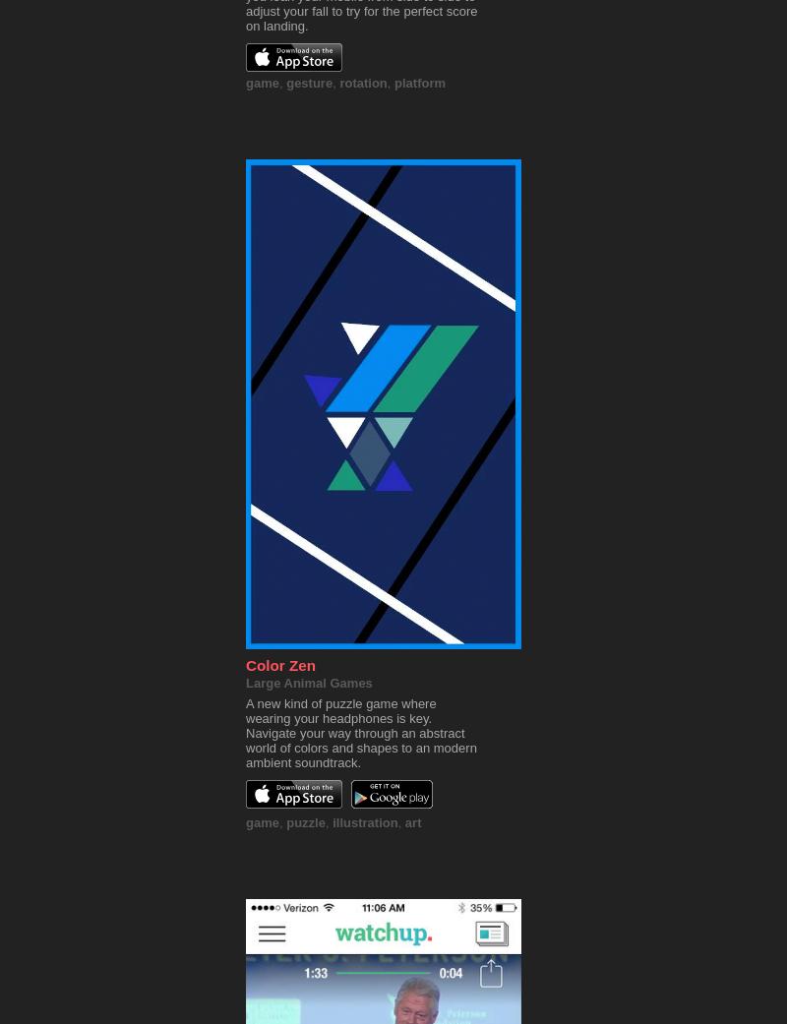 The height and width of the screenshot is (1024, 787). Describe the element at coordinates (412, 821) in the screenshot. I see `'art'` at that location.